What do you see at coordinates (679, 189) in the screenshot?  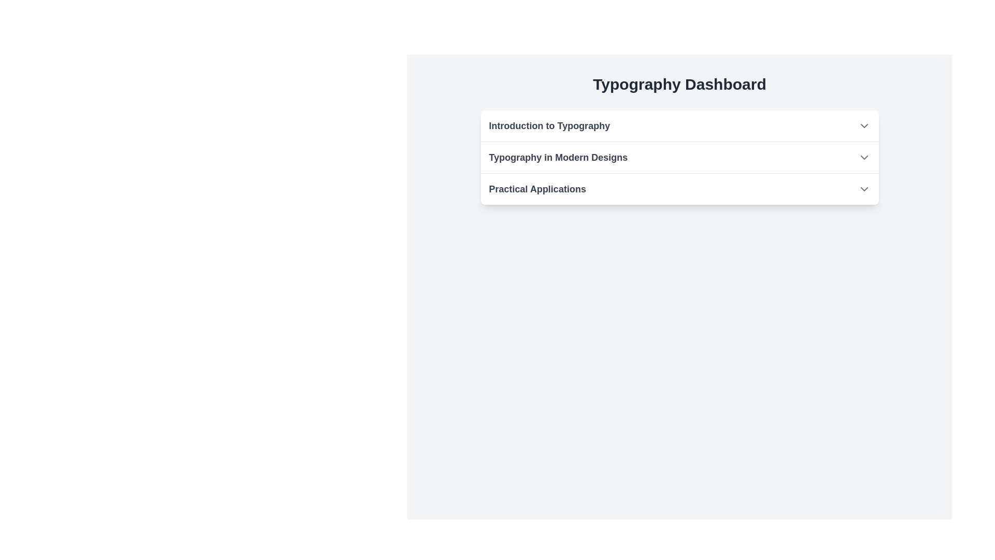 I see `the collapsible list item row located` at bounding box center [679, 189].